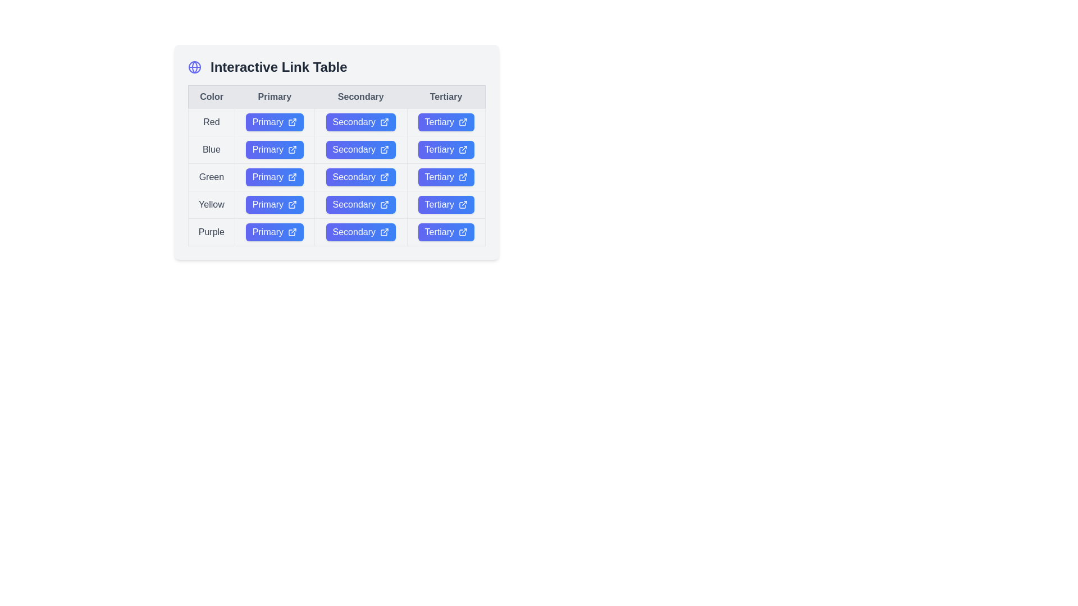 The width and height of the screenshot is (1078, 606). I want to click on the visual style of the external link icon located within the 'Primary' button in the 'Purple' row of the 'Interactive Link Table.', so click(292, 231).